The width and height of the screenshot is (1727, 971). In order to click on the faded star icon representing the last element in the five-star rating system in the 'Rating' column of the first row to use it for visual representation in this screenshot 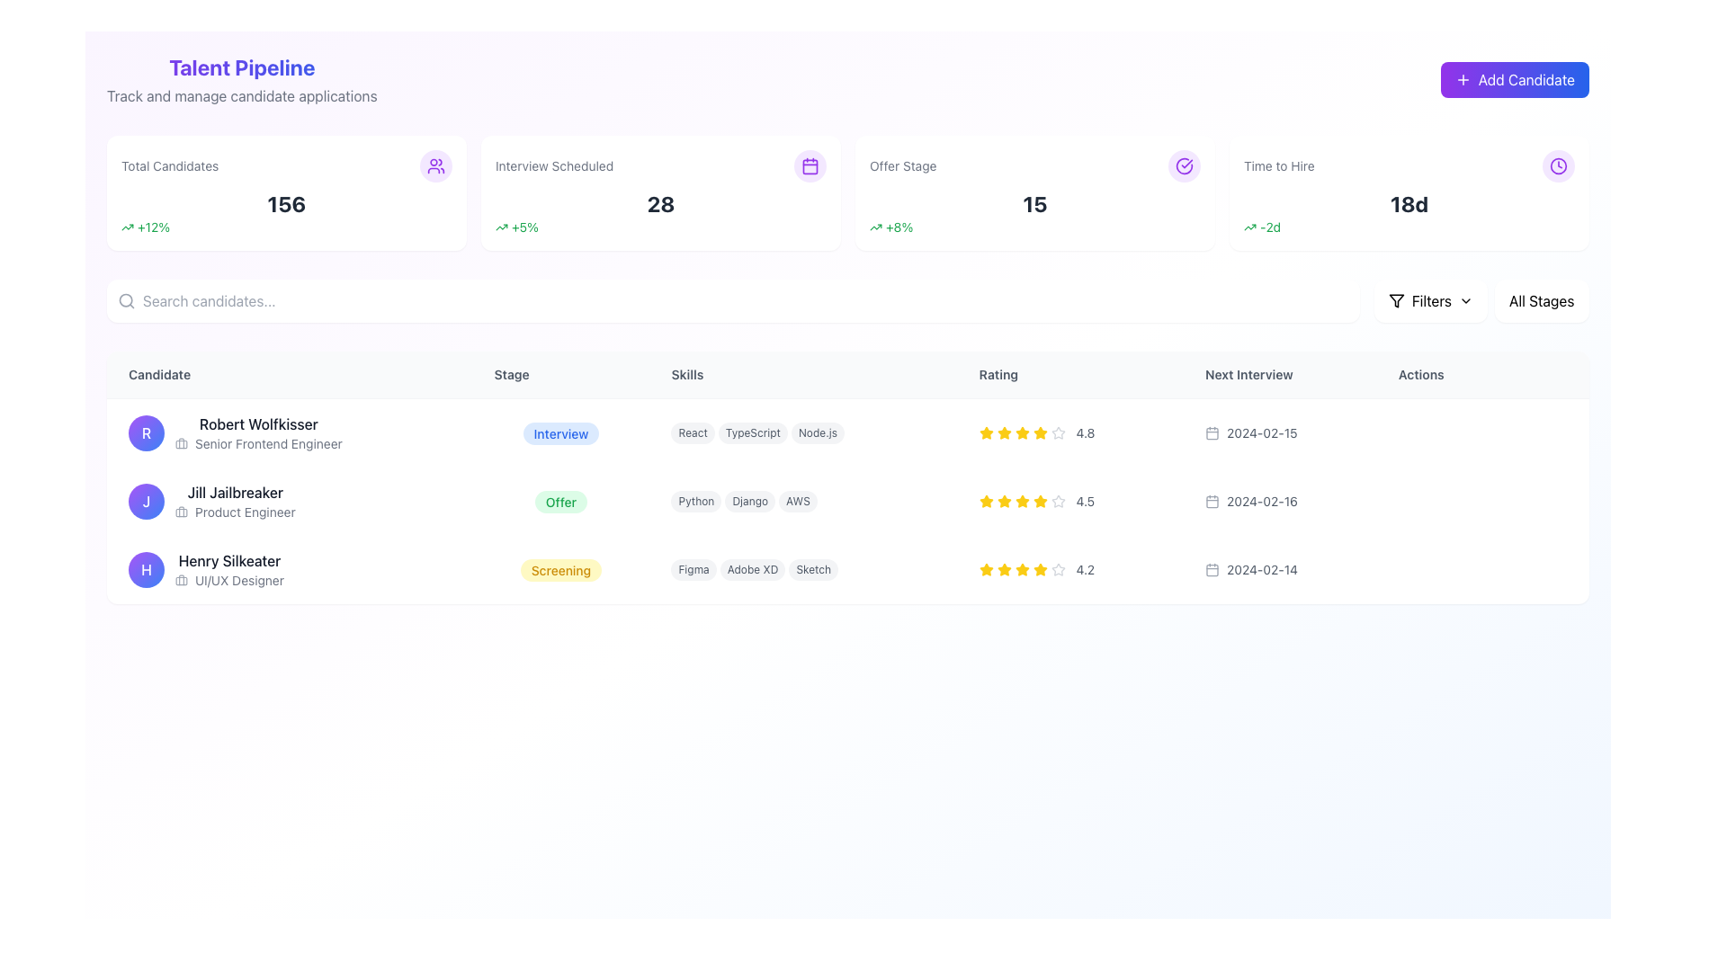, I will do `click(1058, 433)`.